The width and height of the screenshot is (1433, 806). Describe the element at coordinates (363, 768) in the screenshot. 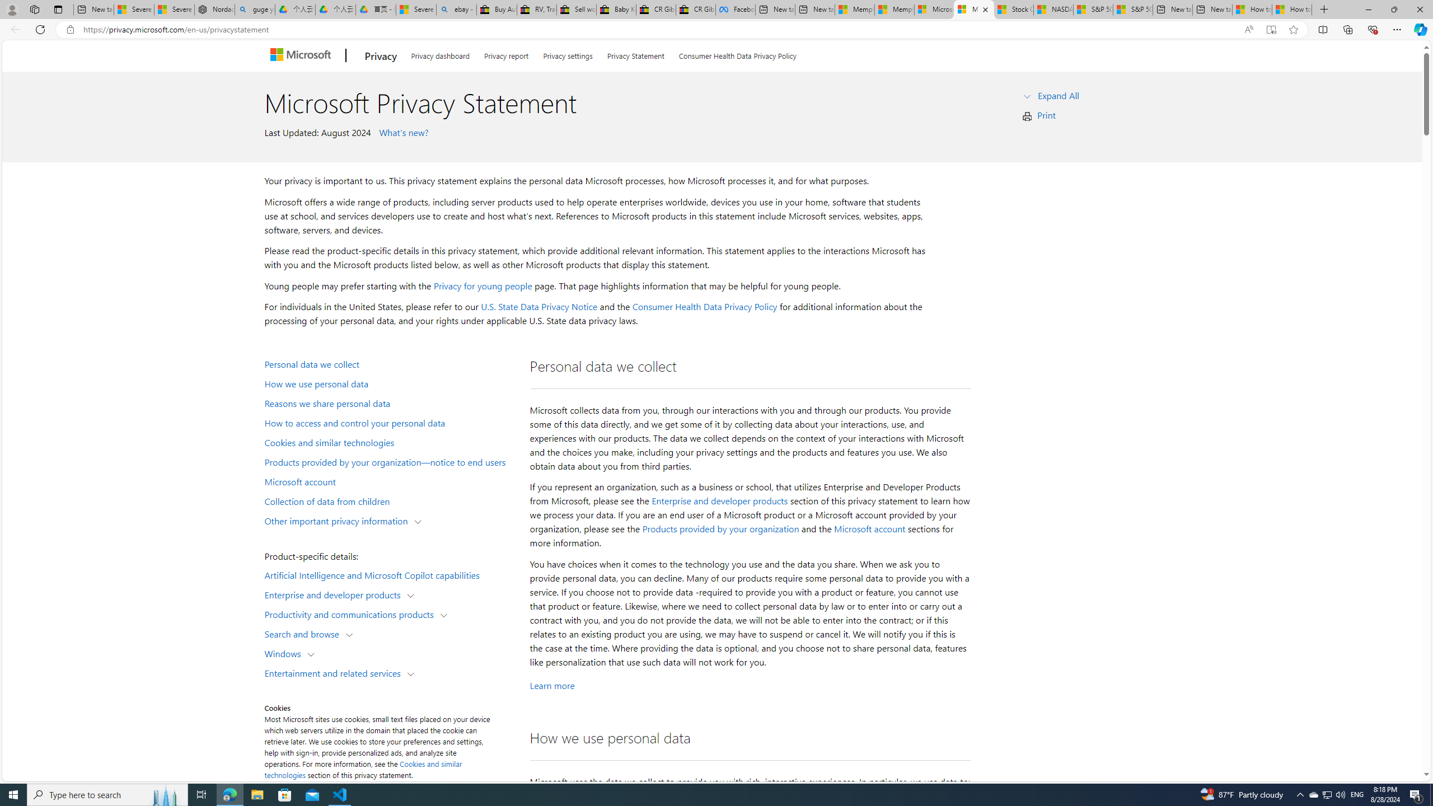

I see `'Cookies and similar technologies'` at that location.